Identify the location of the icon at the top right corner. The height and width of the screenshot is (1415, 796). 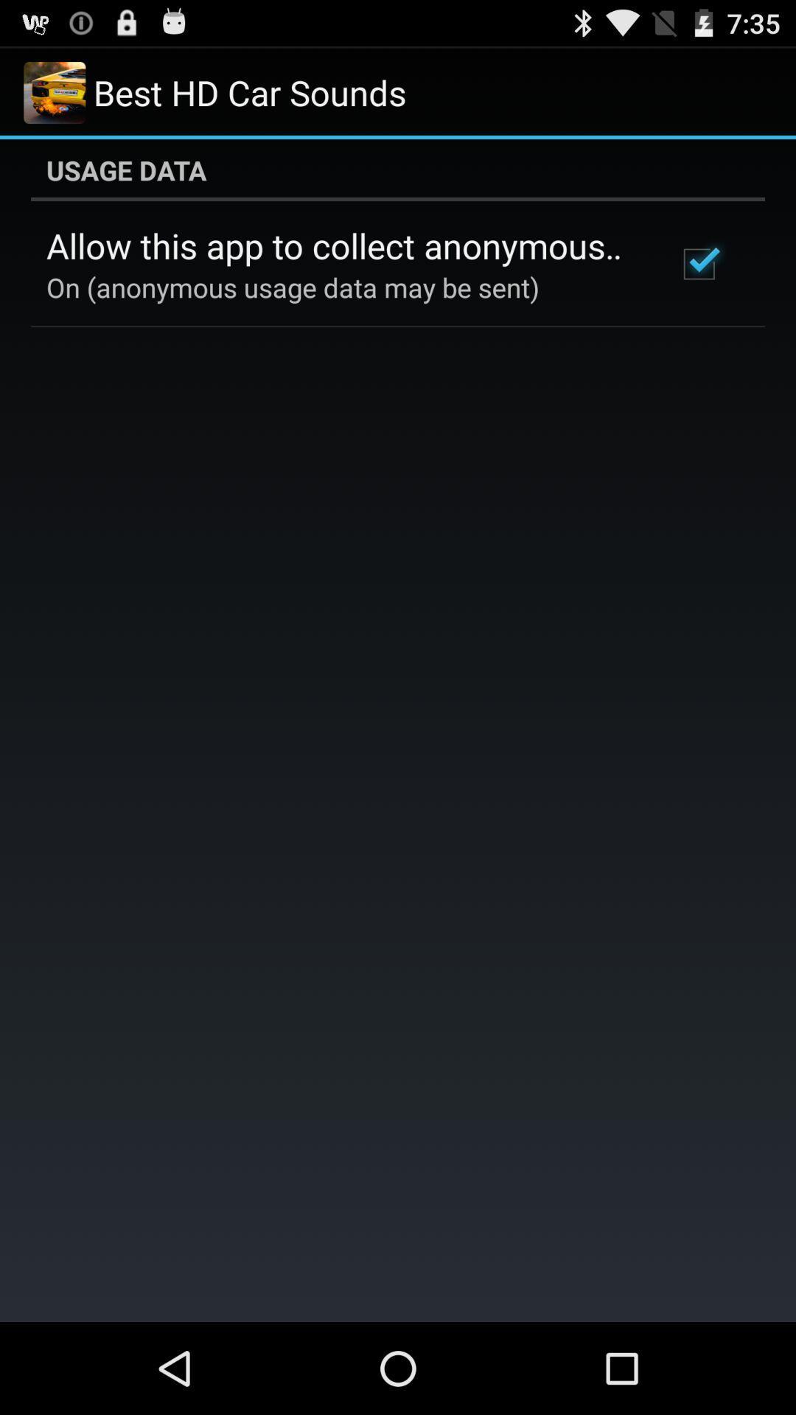
(698, 264).